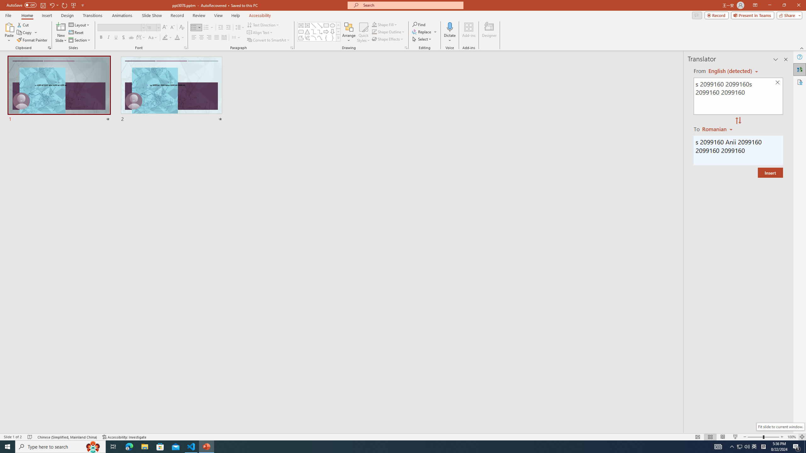 The width and height of the screenshot is (806, 453). What do you see at coordinates (49, 47) in the screenshot?
I see `'Office Clipboard...'` at bounding box center [49, 47].